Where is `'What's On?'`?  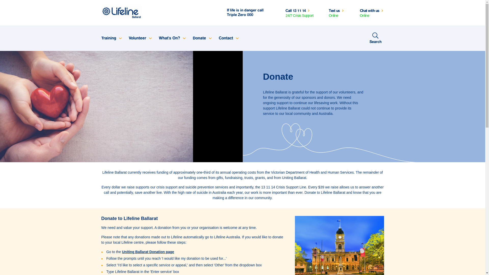
'What's On?' is located at coordinates (155, 38).